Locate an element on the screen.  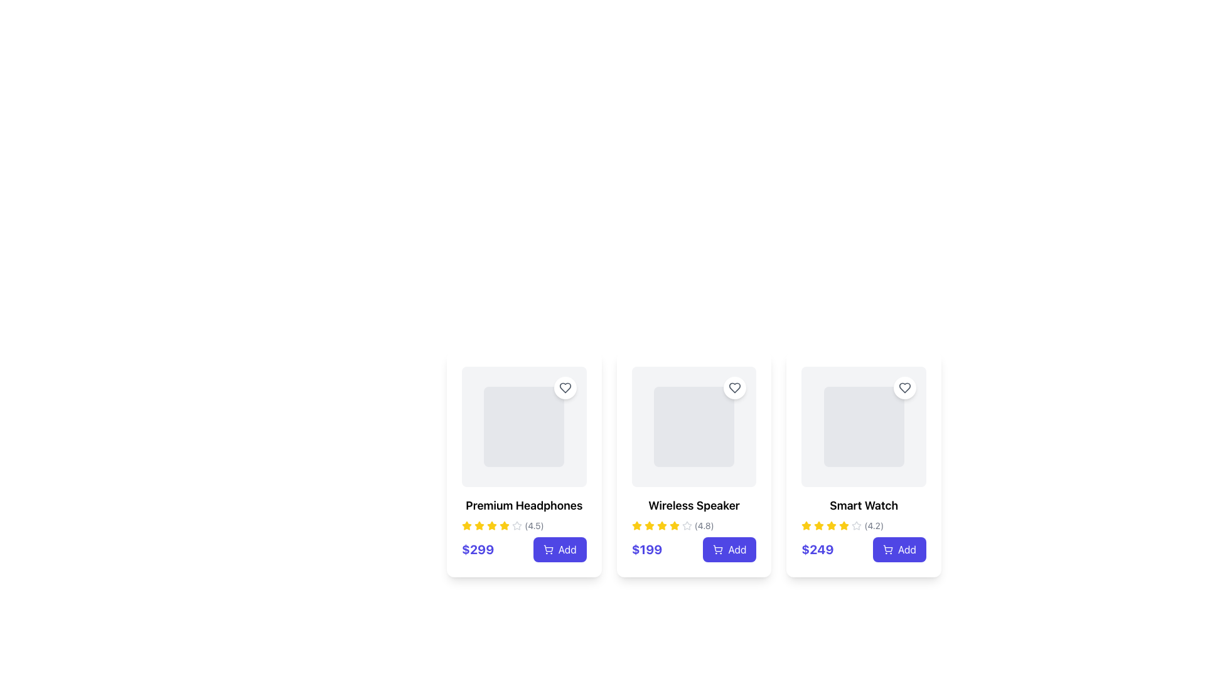
the Rating indicator located below the title 'Premium Headphones' is located at coordinates (524, 526).